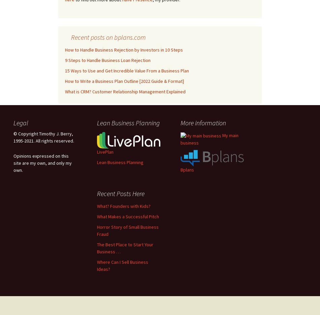  Describe the element at coordinates (122, 265) in the screenshot. I see `'Where Can I Sell Business Ideas?'` at that location.